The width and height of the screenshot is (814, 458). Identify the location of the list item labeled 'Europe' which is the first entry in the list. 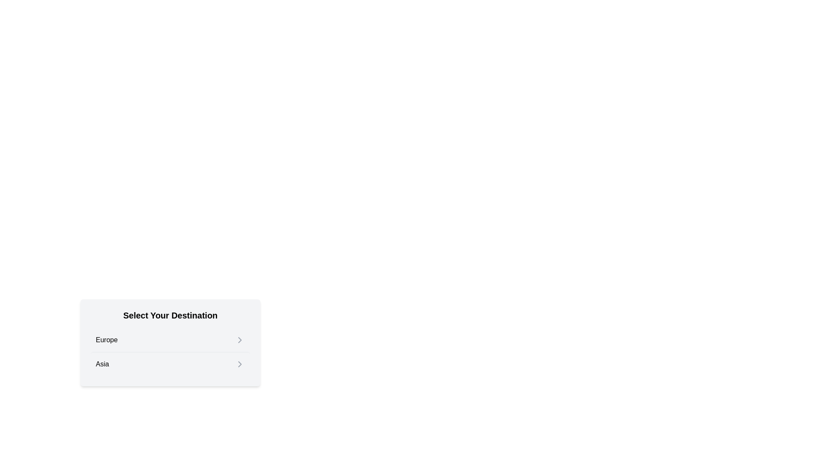
(170, 340).